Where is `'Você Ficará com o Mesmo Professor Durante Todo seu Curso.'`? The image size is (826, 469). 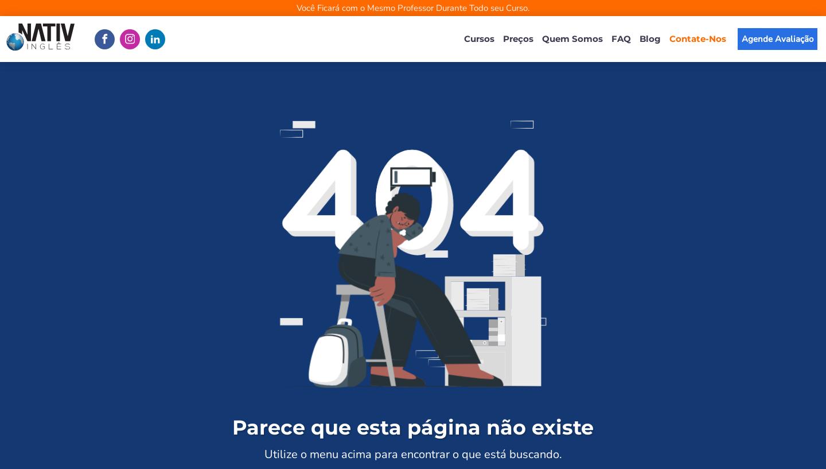 'Você Ficará com o Mesmo Professor Durante Todo seu Curso.' is located at coordinates (413, 7).